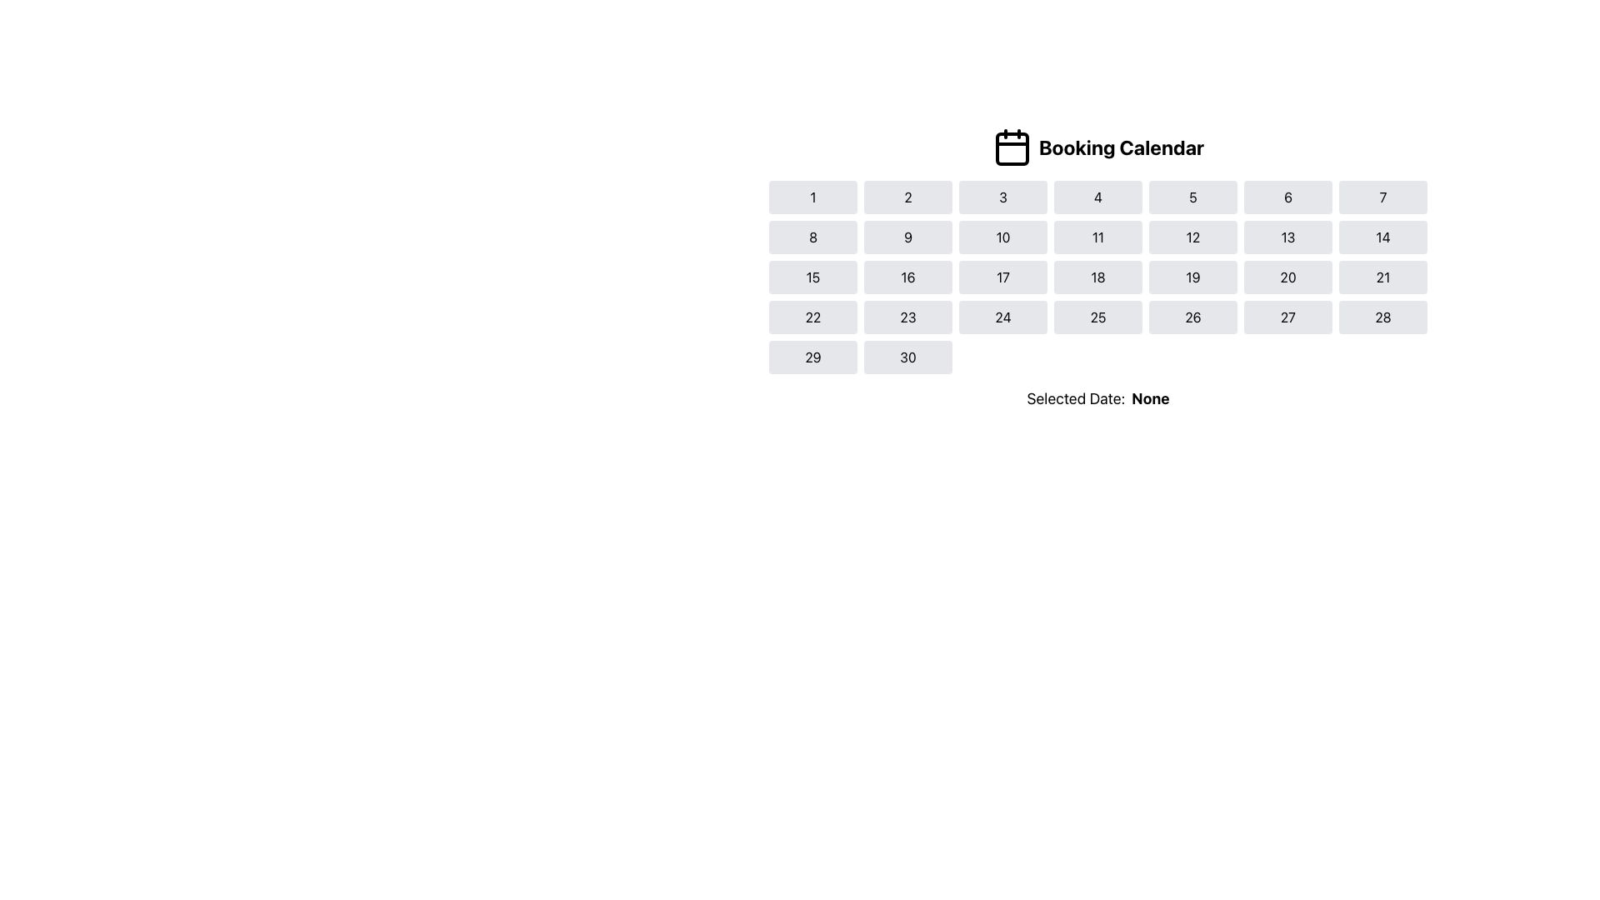 This screenshot has width=1600, height=900. Describe the element at coordinates (1192, 196) in the screenshot. I see `the button representing the number '5' in the booking calendar interface` at that location.